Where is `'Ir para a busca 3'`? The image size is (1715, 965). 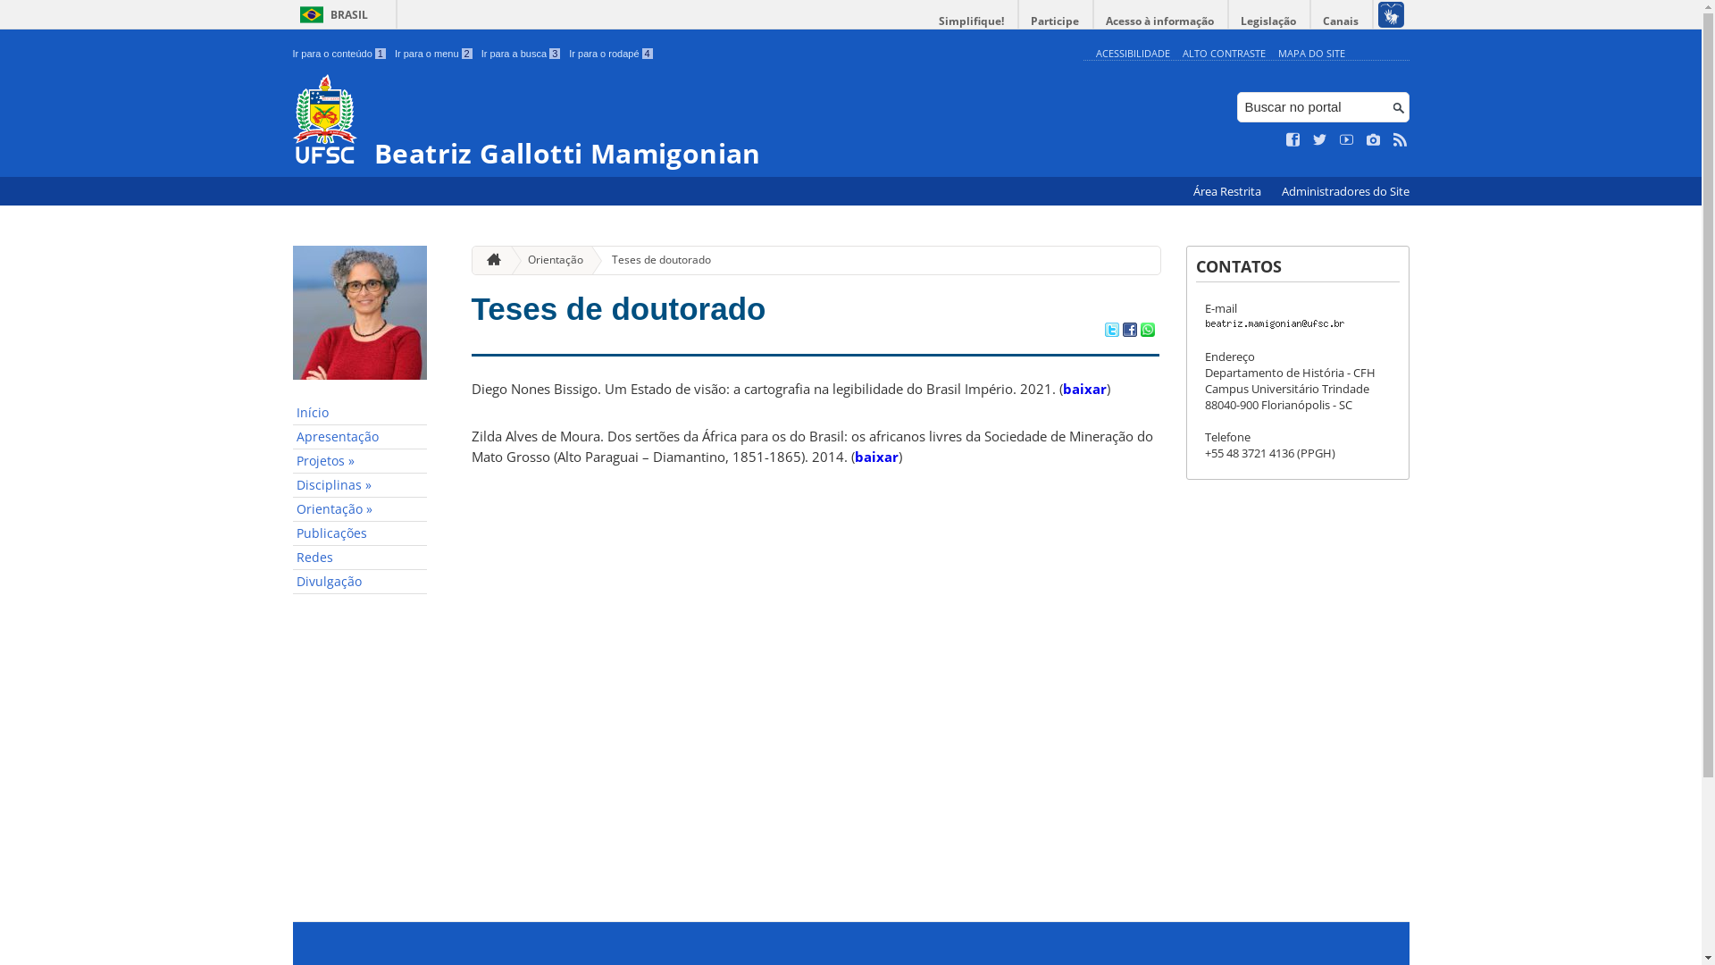 'Ir para a busca 3' is located at coordinates (520, 53).